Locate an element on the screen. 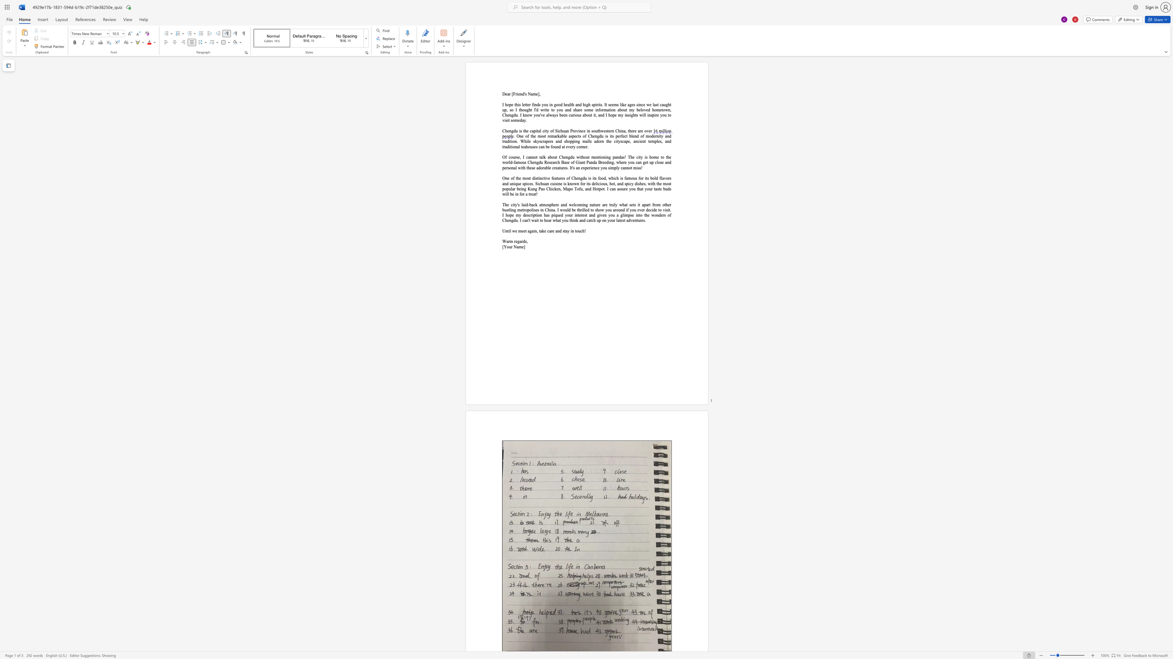  the space between the continuous character "e" and "e" in the text is located at coordinates (563, 115).